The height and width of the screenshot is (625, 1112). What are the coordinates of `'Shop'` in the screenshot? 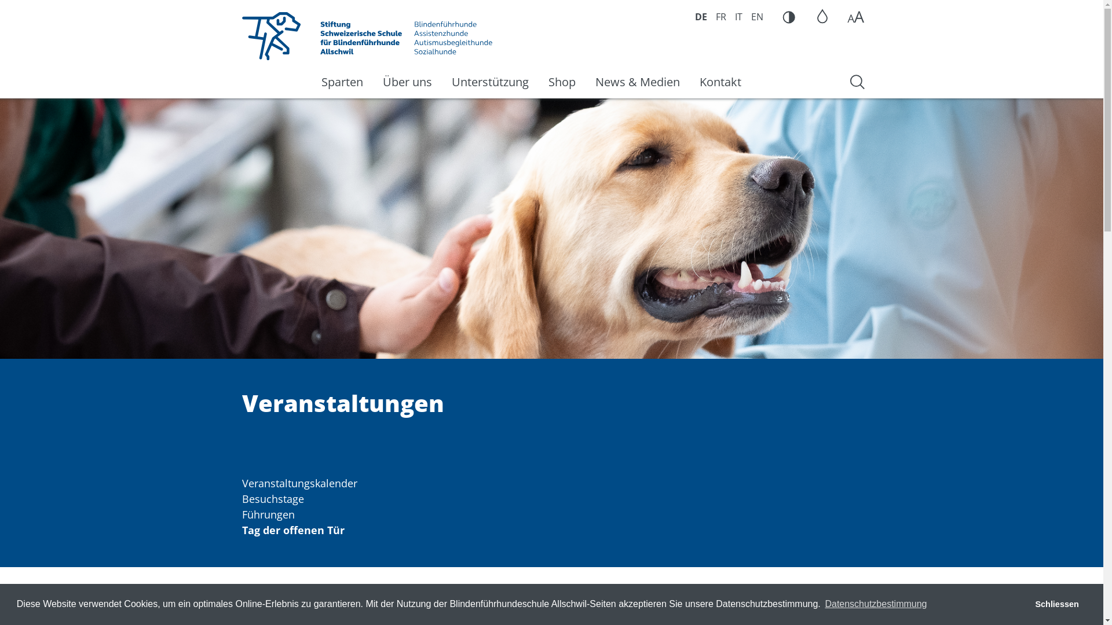 It's located at (562, 81).